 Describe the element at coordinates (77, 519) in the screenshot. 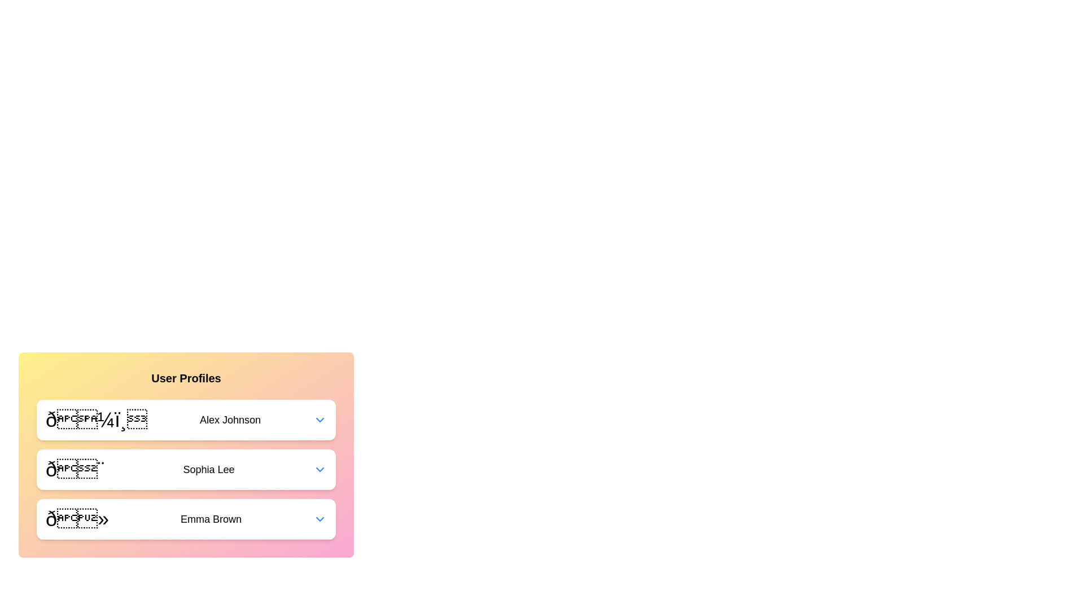

I see `the avatar of Emma Brown to interact with it` at that location.